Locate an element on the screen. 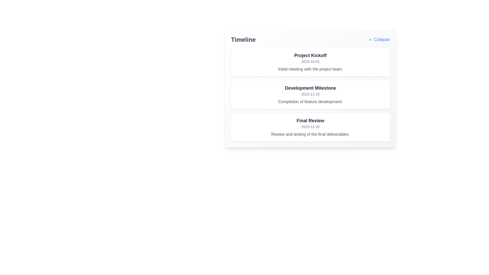 This screenshot has height=275, width=489. the button located to the right of the 'Timeline' heading is located at coordinates (379, 39).